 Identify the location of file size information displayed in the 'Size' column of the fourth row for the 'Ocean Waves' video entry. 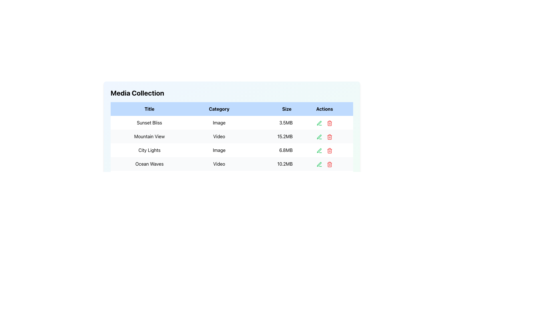
(273, 164).